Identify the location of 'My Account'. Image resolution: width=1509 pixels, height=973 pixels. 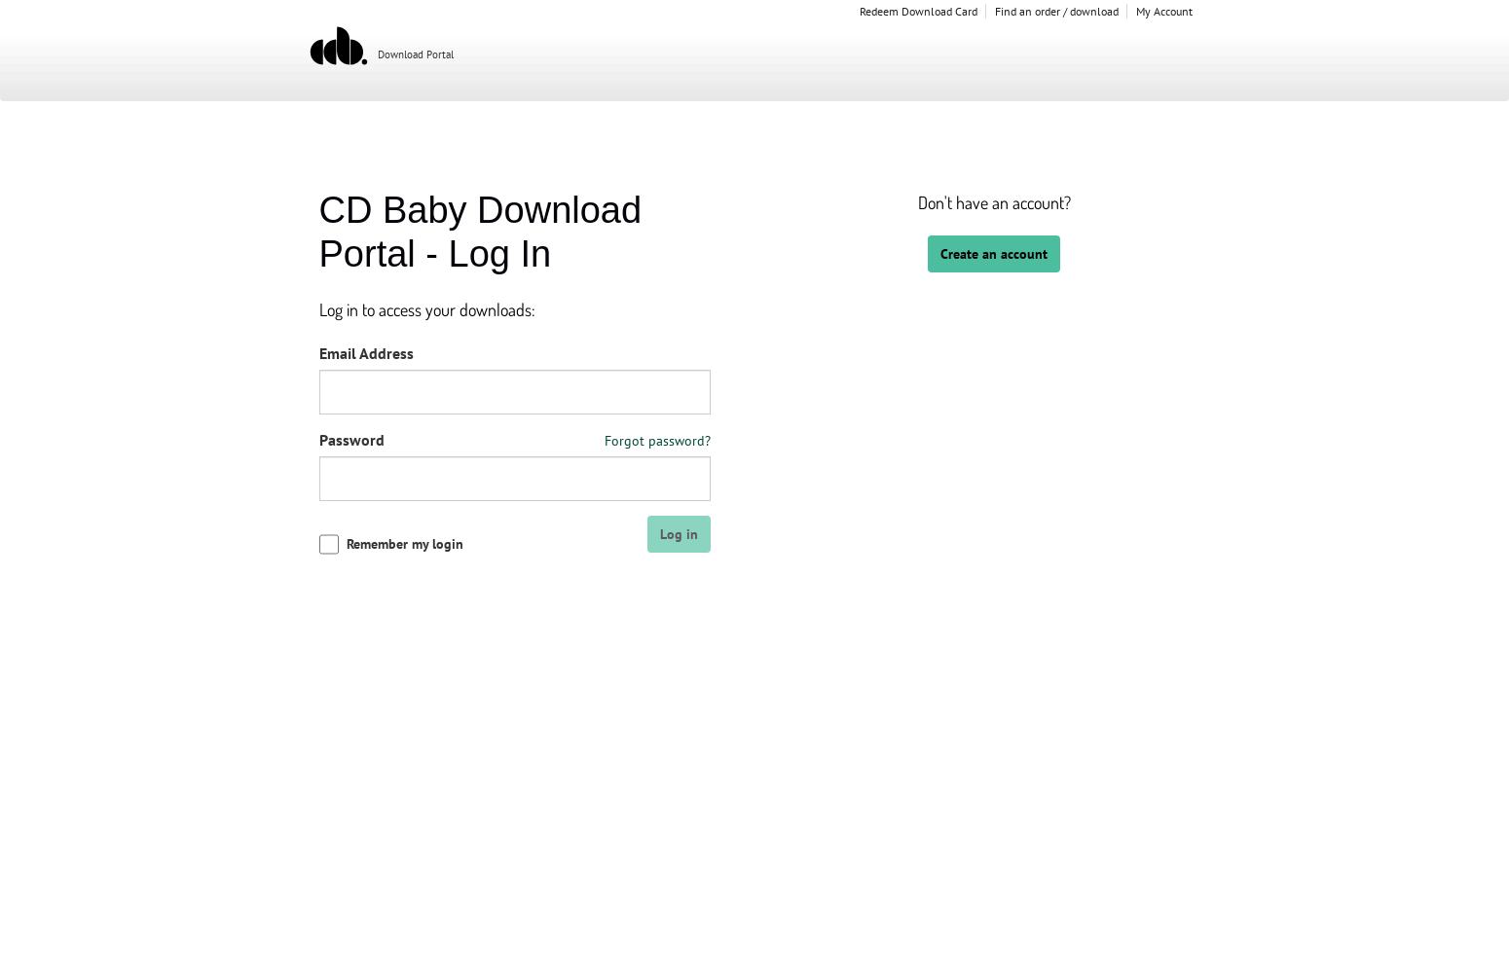
(1163, 11).